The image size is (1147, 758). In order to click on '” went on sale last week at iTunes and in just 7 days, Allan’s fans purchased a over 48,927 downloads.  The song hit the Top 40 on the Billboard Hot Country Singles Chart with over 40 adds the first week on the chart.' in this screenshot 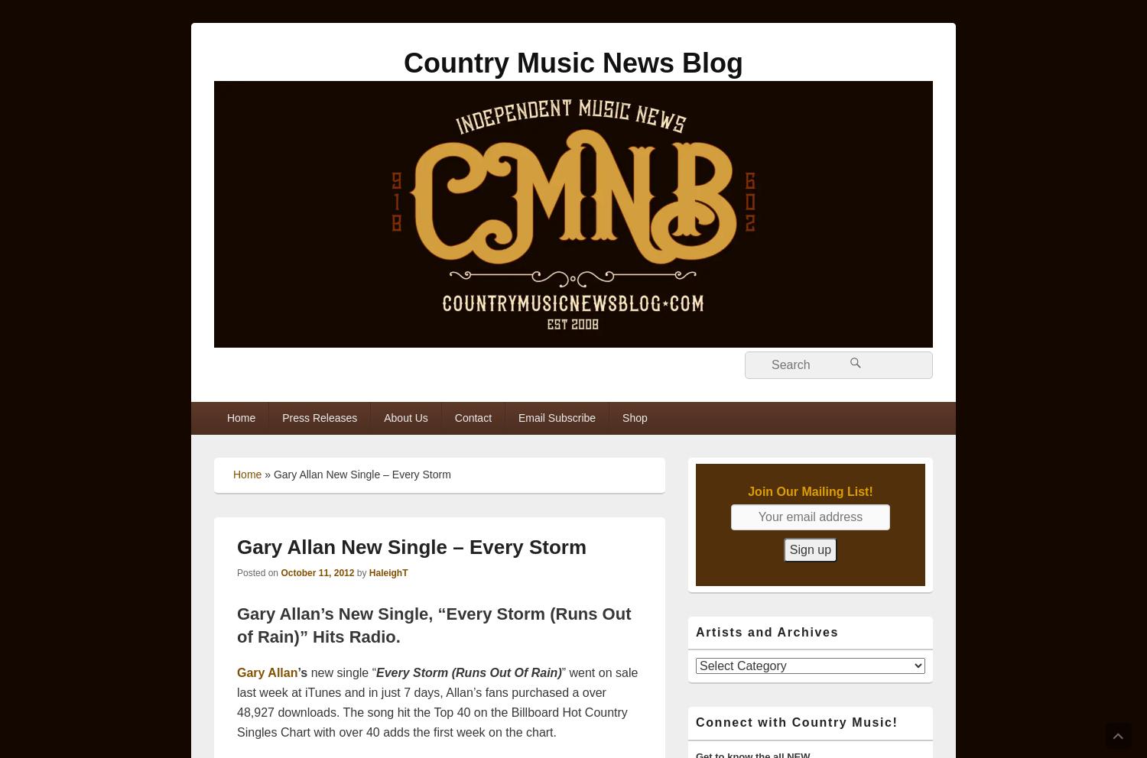, I will do `click(436, 701)`.